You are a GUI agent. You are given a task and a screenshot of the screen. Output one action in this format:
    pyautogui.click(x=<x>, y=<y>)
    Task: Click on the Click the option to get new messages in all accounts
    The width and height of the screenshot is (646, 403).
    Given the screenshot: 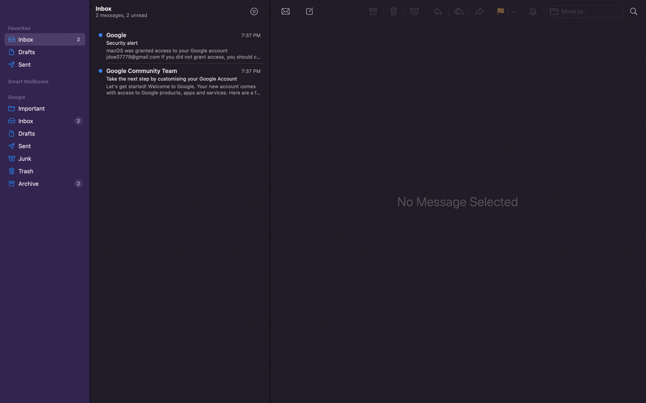 What is the action you would take?
    pyautogui.click(x=285, y=11)
    